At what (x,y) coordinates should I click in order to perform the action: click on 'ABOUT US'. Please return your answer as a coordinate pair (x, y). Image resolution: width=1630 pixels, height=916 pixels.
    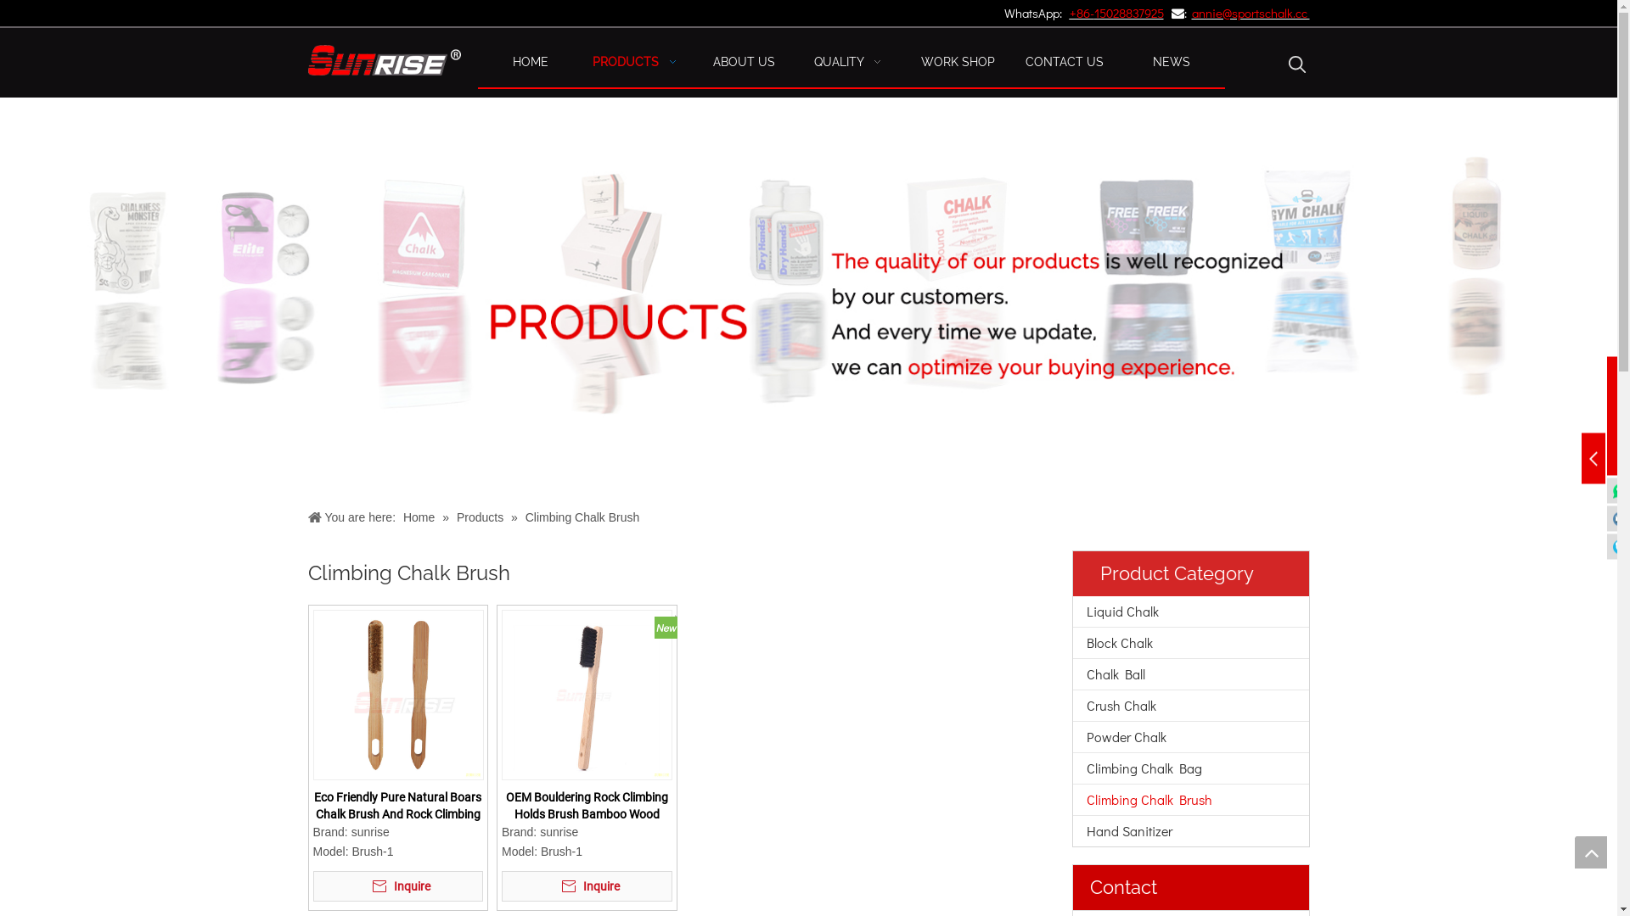
    Looking at the image, I should click on (745, 61).